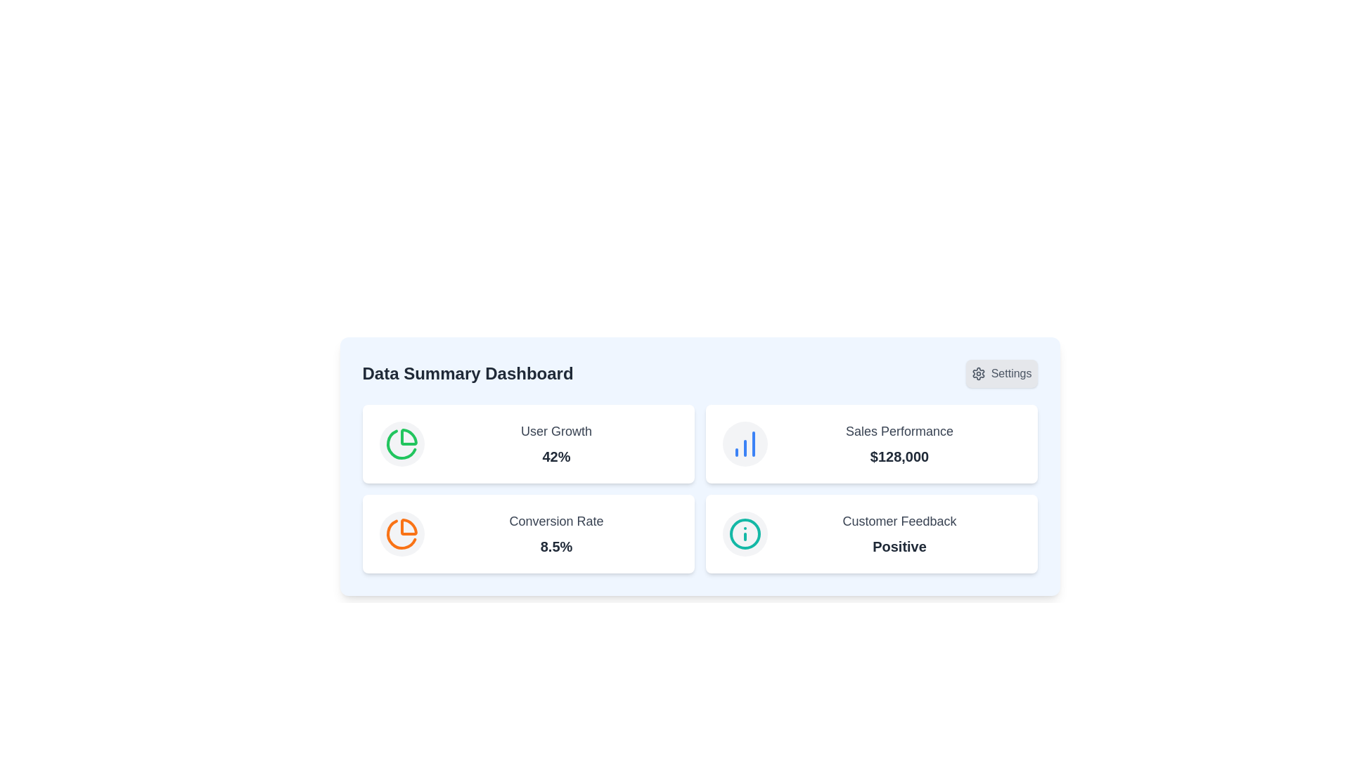 This screenshot has height=759, width=1350. I want to click on the 'Settings' icon located at the top-right corner of the dashboard, so click(977, 373).